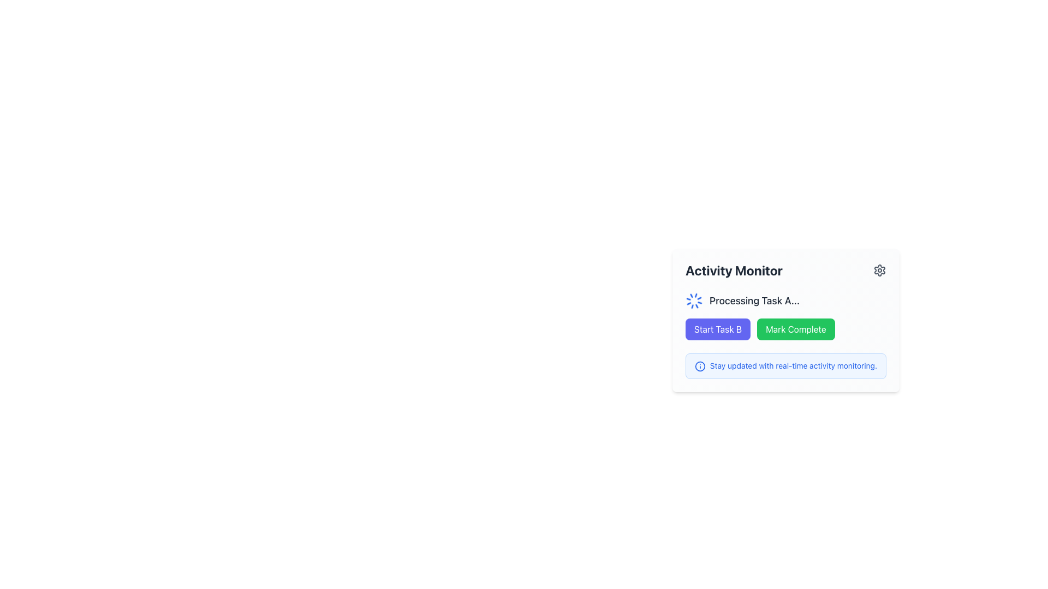 The width and height of the screenshot is (1048, 589). I want to click on SVG Circle element located in the top-right corner of the 'Activity Monitor' widget by using developer tools, so click(700, 366).